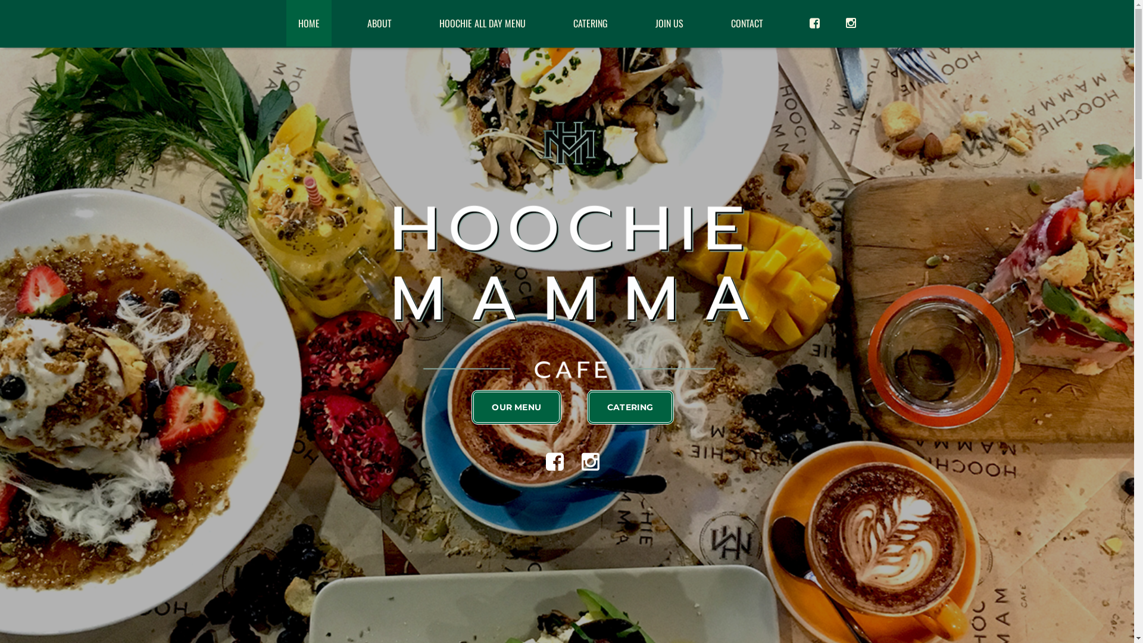 The height and width of the screenshot is (643, 1143). I want to click on 'HOOCHIE ALL DAY MENU', so click(427, 23).